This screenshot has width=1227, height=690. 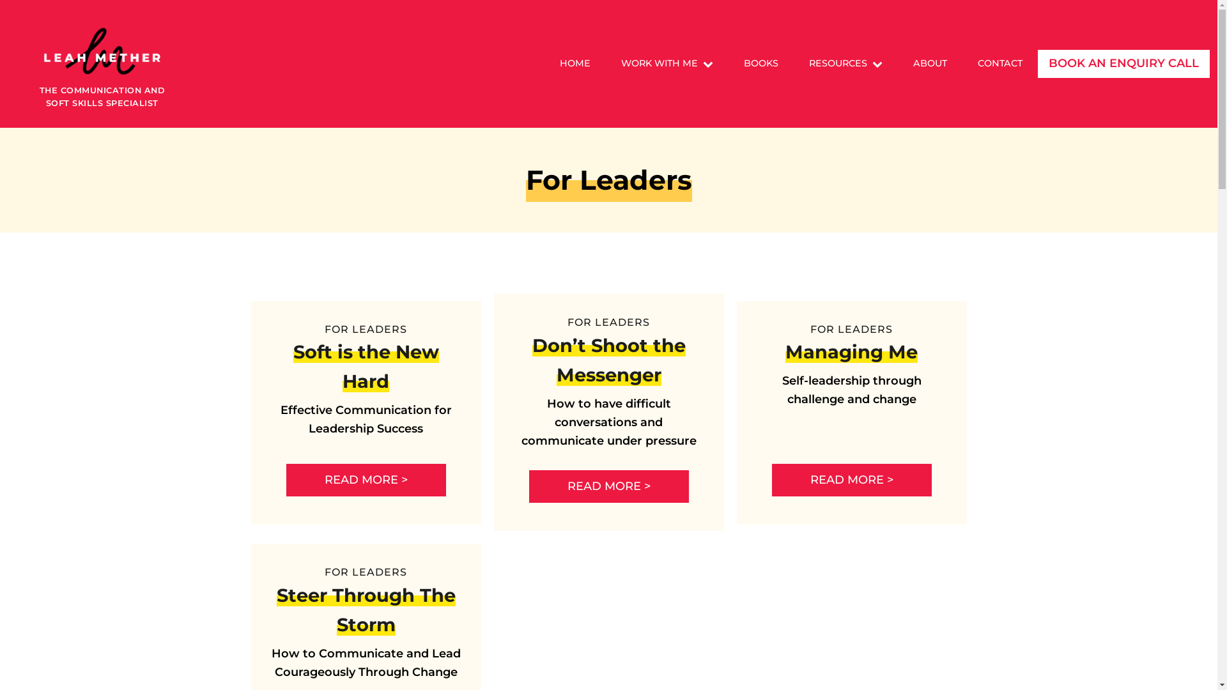 What do you see at coordinates (365, 328) in the screenshot?
I see `'FOR LEADERS'` at bounding box center [365, 328].